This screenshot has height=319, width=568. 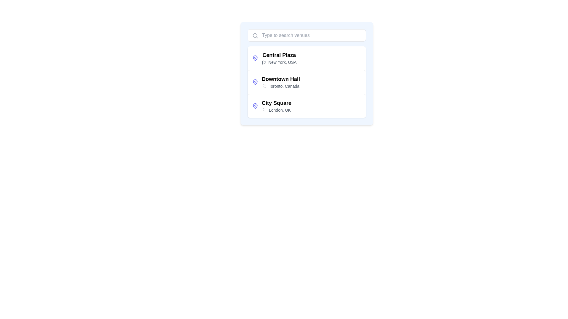 What do you see at coordinates (276, 110) in the screenshot?
I see `the Text Label with Icon displaying the location 'London, UK' associated with 'City Square'` at bounding box center [276, 110].